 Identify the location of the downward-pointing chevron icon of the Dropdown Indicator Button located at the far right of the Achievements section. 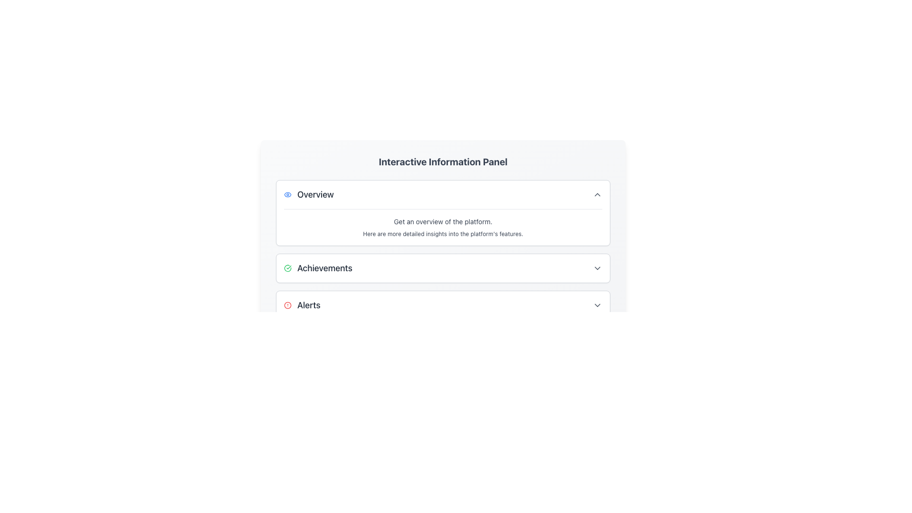
(597, 268).